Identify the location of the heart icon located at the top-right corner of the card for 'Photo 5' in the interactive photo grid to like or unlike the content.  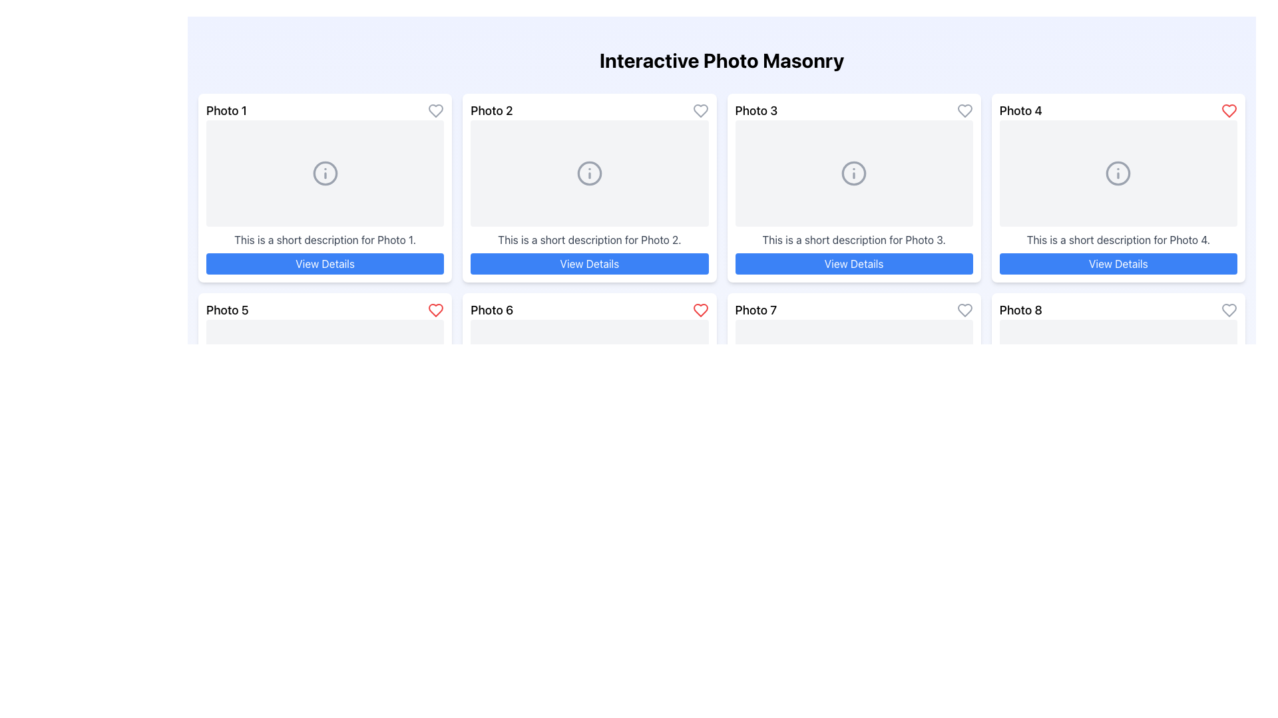
(435, 310).